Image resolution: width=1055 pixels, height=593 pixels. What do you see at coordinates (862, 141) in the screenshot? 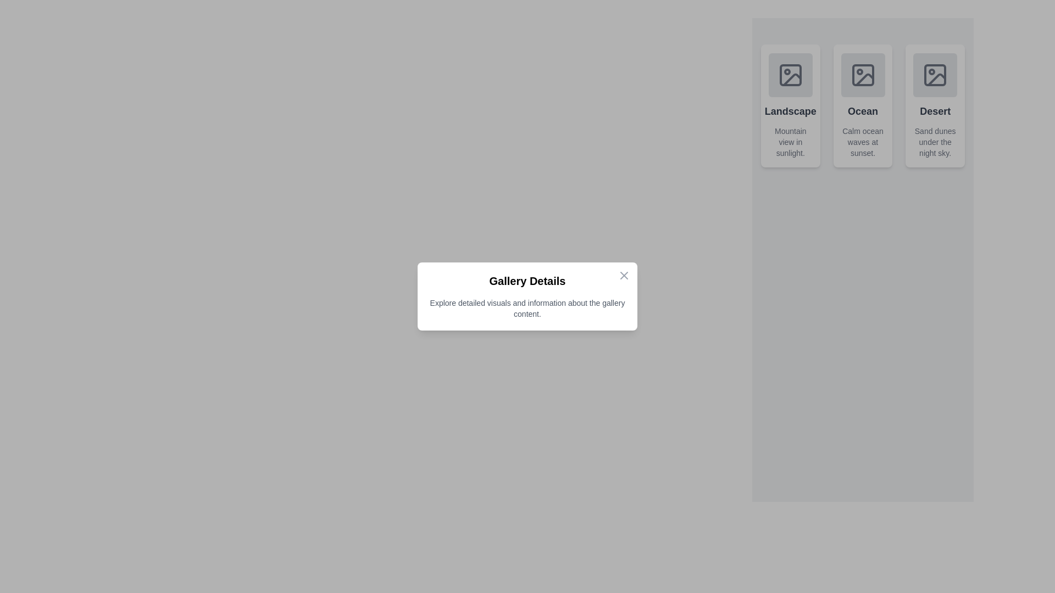
I see `text displayed in the gray colored small font labeled 'Calm ocean waves at sunset' located at the lower section of the 'Ocean' card` at bounding box center [862, 141].